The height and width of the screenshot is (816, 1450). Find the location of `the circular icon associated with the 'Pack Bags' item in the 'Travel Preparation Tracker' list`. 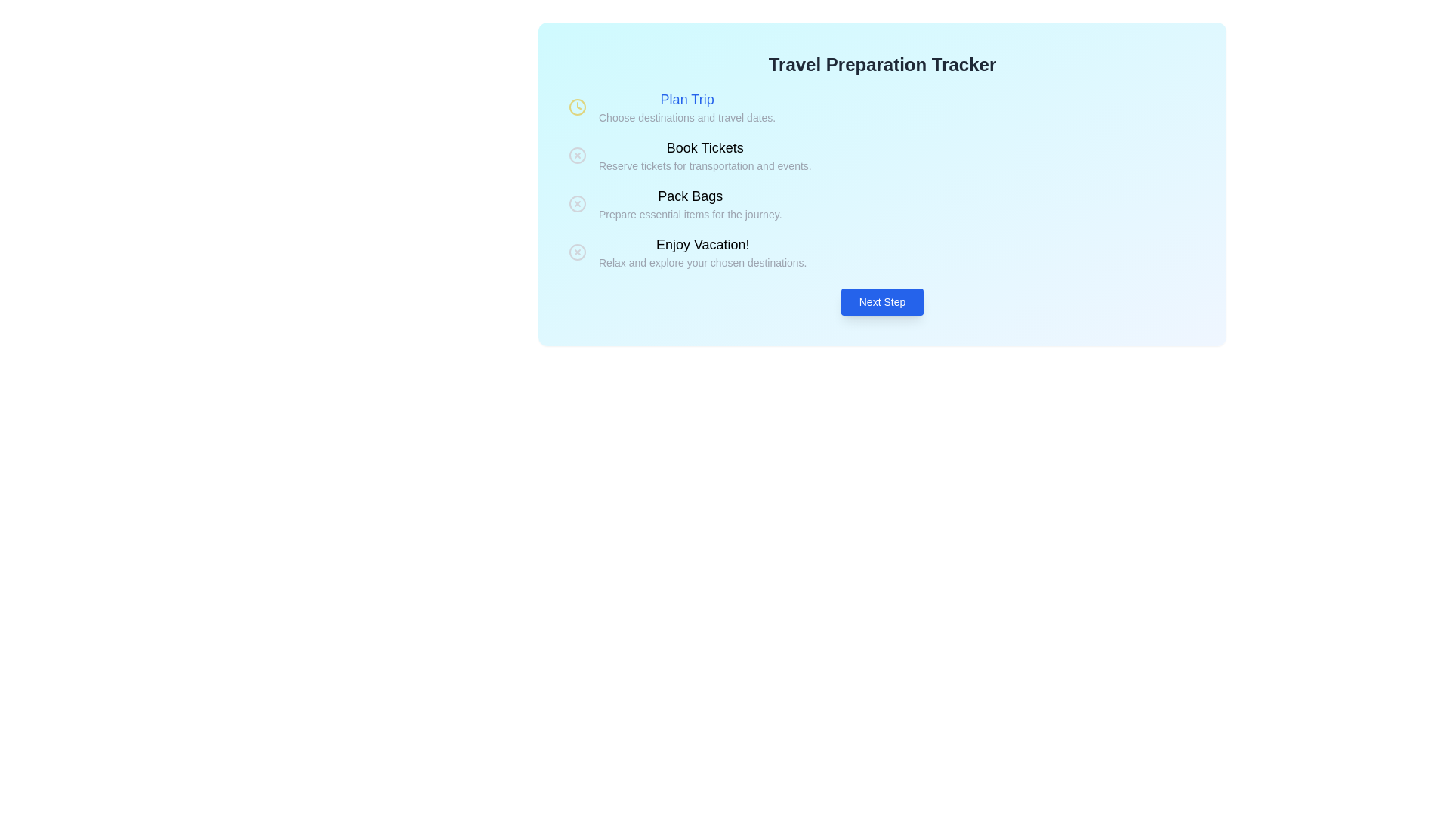

the circular icon associated with the 'Pack Bags' item in the 'Travel Preparation Tracker' list is located at coordinates (576, 204).